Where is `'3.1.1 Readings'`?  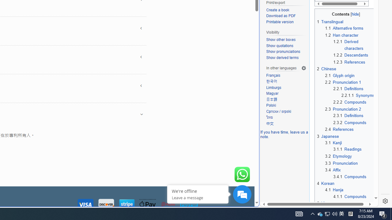 '3.1.1 Readings' is located at coordinates (347, 149).